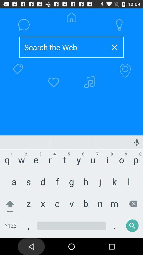 The height and width of the screenshot is (255, 143). I want to click on the home button above text field, so click(71, 24).